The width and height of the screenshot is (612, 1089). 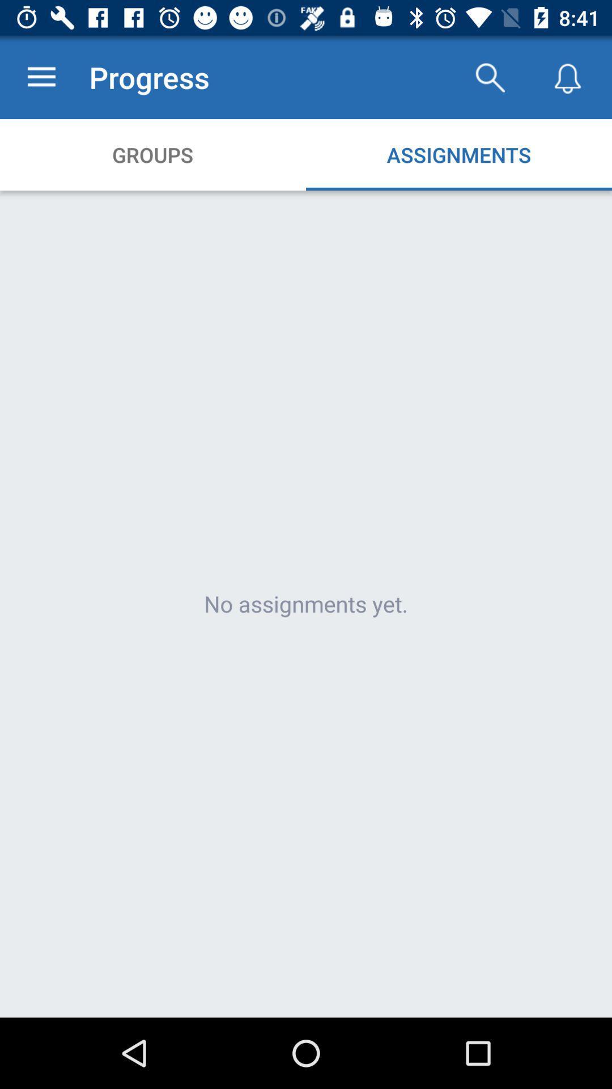 What do you see at coordinates (489, 77) in the screenshot?
I see `app to the right of progress` at bounding box center [489, 77].